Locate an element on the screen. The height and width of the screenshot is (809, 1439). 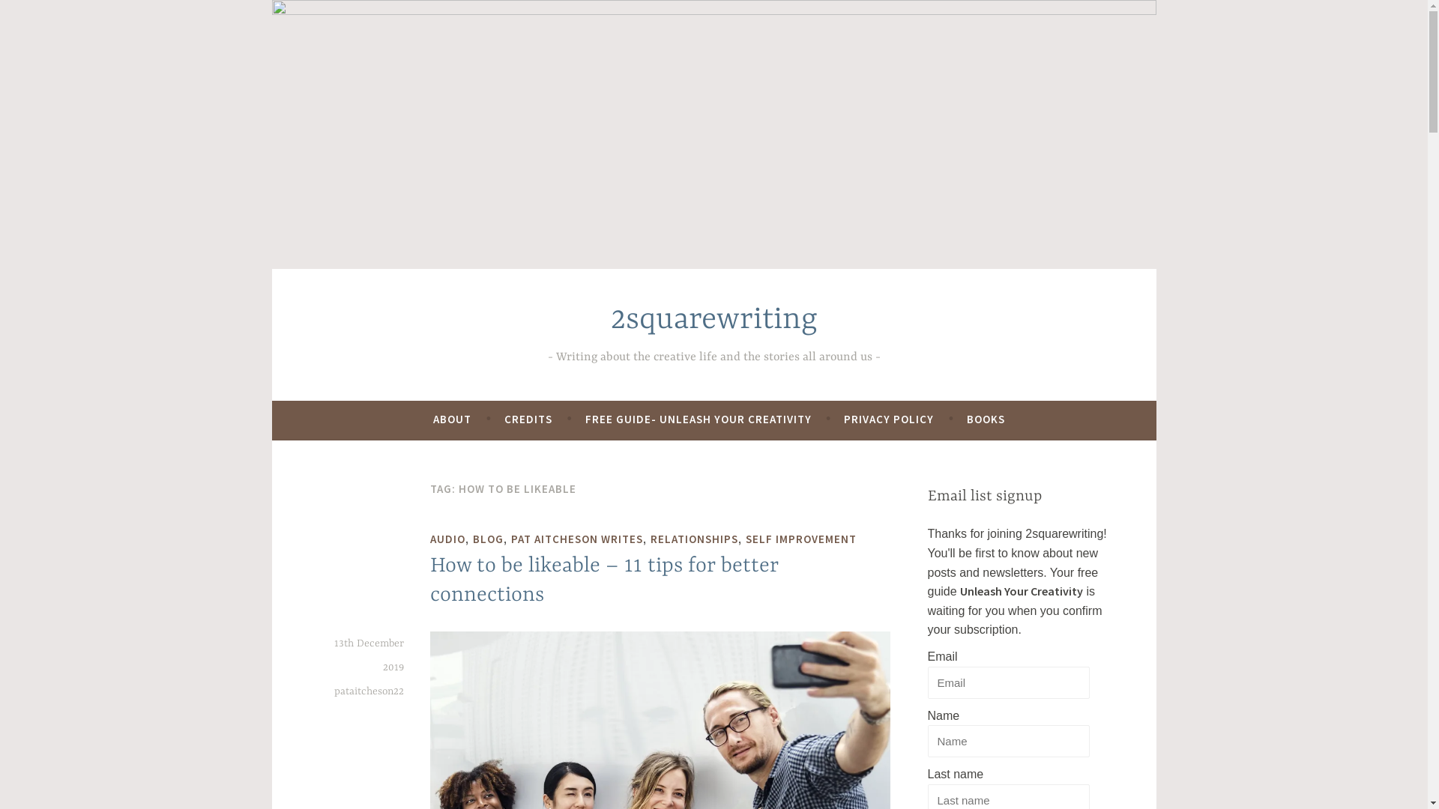
'FREE GUIDE- UNLEASH YOUR CREATIVITY' is located at coordinates (697, 419).